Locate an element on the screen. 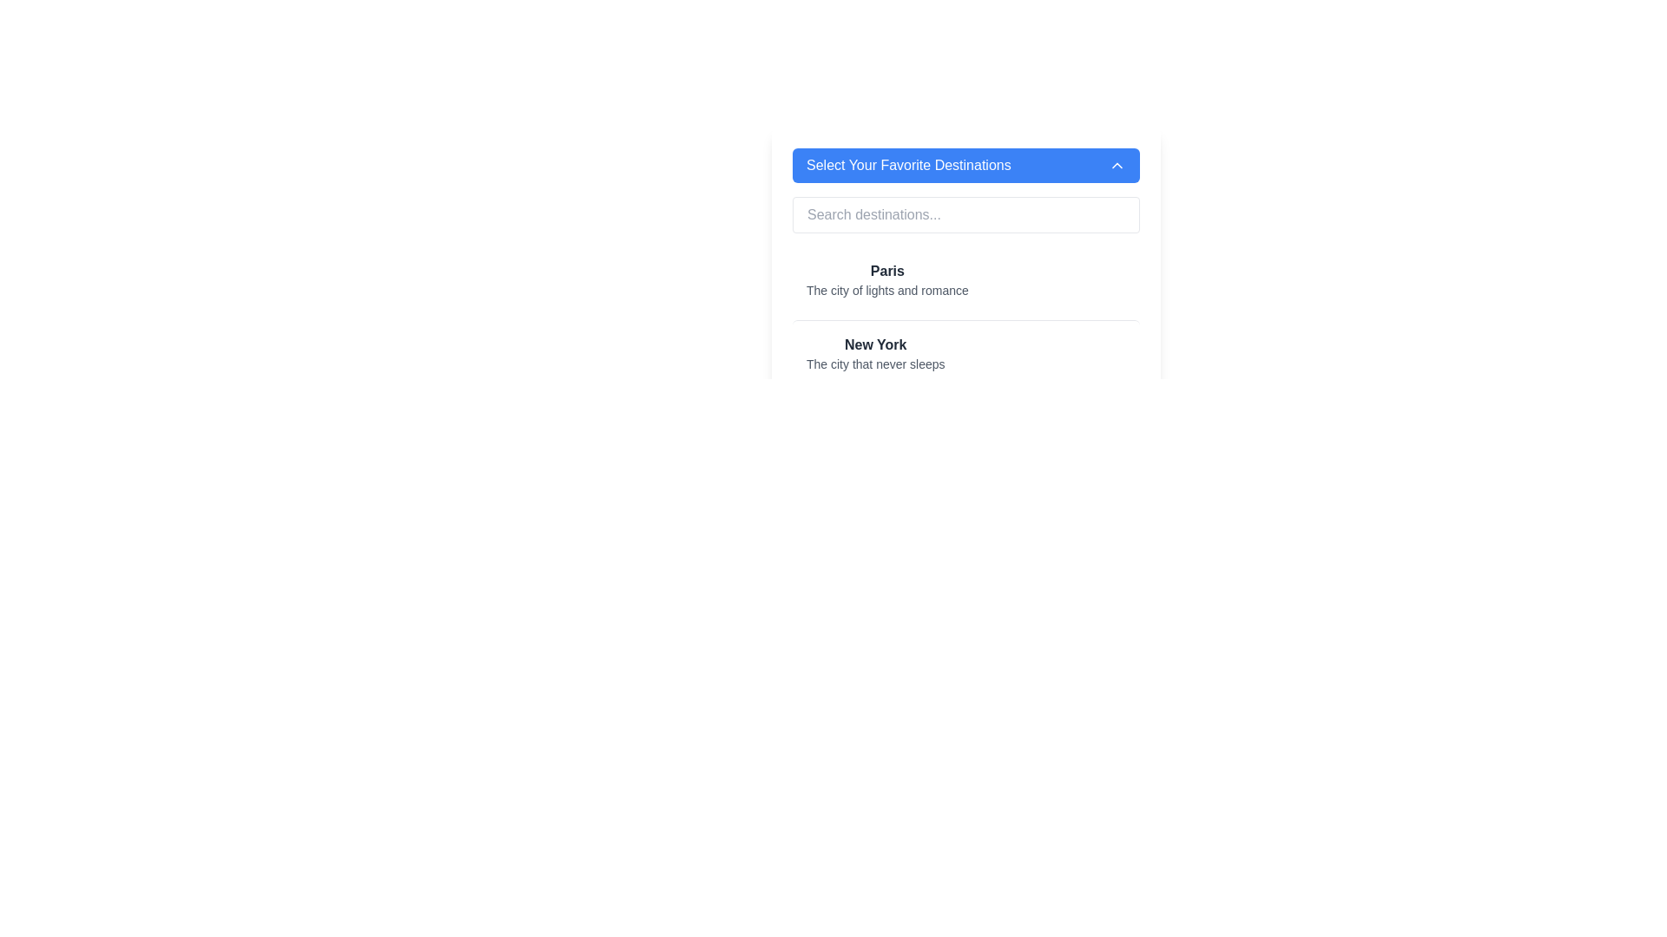 The width and height of the screenshot is (1667, 937). the text label serving as a heading for 'New York', which is positioned below the 'Paris' group in the list interface is located at coordinates (875, 344).